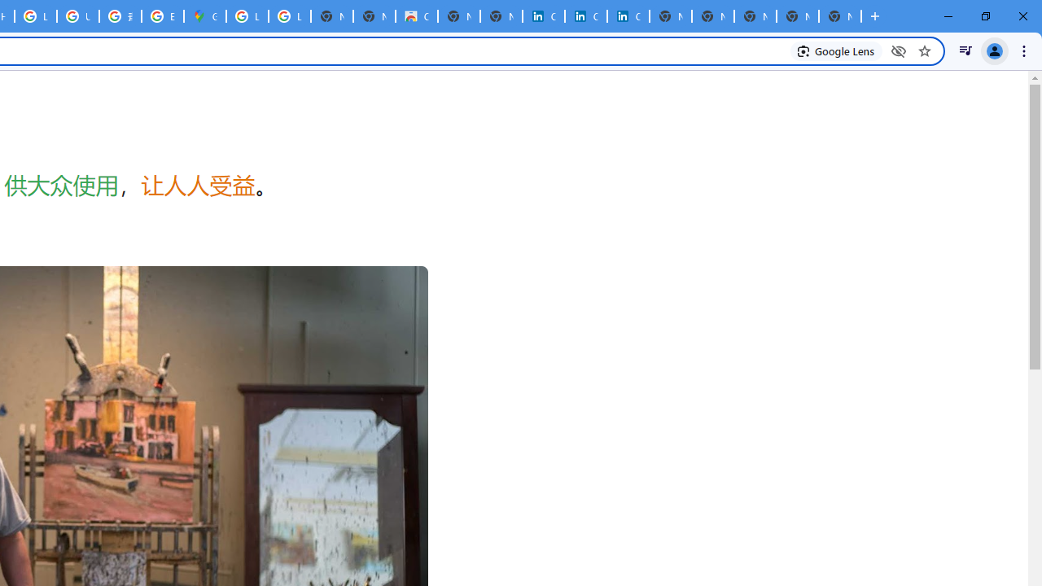 The width and height of the screenshot is (1042, 586). What do you see at coordinates (627, 16) in the screenshot?
I see `'Copyright Policy'` at bounding box center [627, 16].